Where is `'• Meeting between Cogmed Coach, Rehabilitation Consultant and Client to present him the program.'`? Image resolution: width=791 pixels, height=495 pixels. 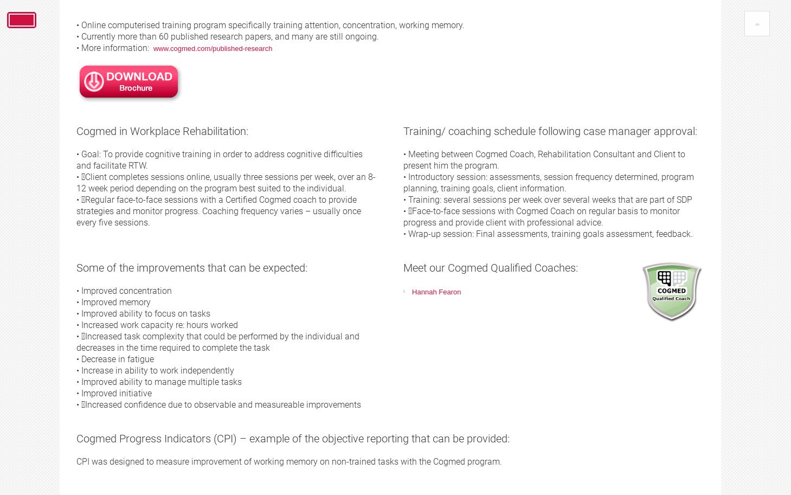
'• Meeting between Cogmed Coach, Rehabilitation Consultant and Client to present him the program.' is located at coordinates (543, 159).